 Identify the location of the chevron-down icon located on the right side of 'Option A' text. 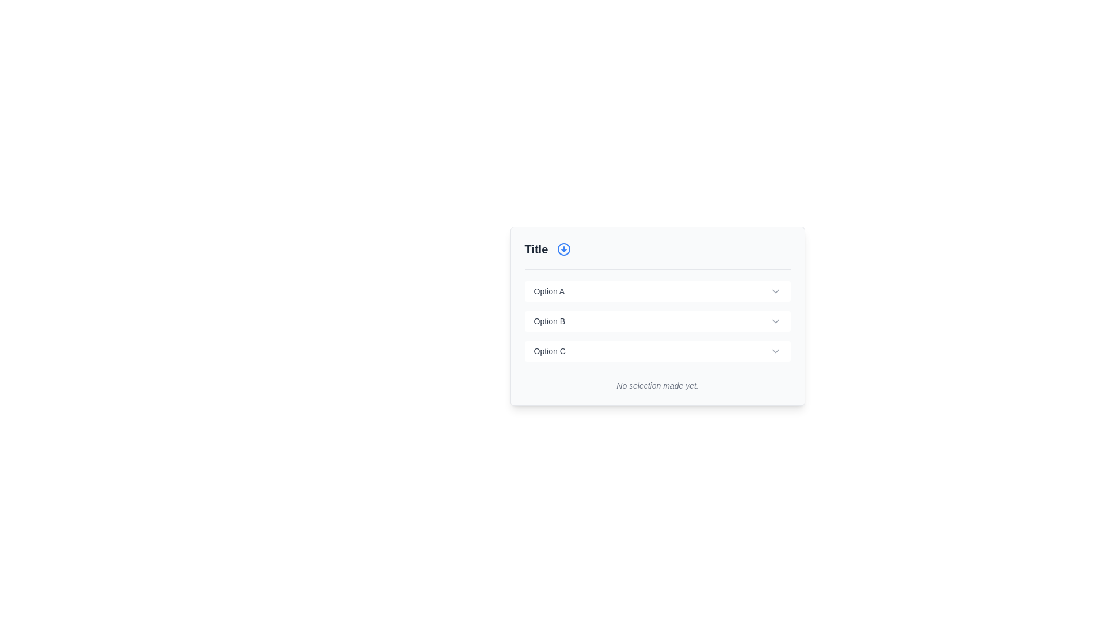
(775, 290).